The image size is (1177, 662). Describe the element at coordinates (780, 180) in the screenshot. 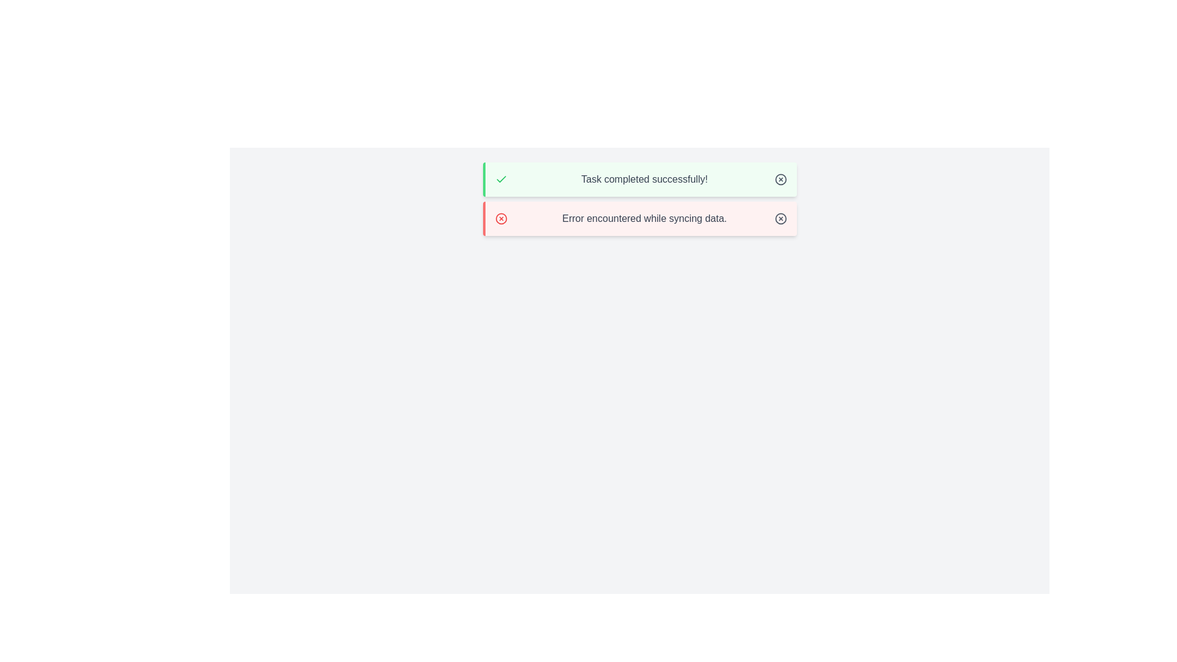

I see `the close (X) button icon in the notification bar that indicates 'Task completed successfully!', which is located at the far-right end of the bar` at that location.